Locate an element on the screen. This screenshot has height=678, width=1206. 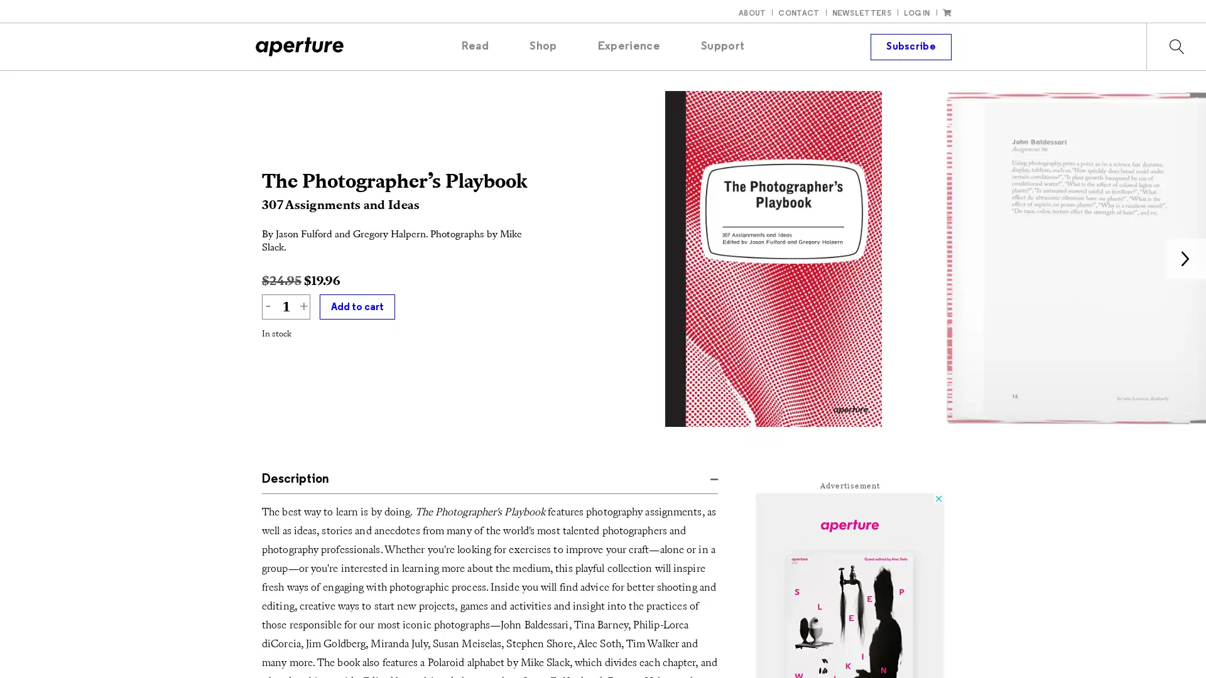
Subscribe is located at coordinates (910, 45).